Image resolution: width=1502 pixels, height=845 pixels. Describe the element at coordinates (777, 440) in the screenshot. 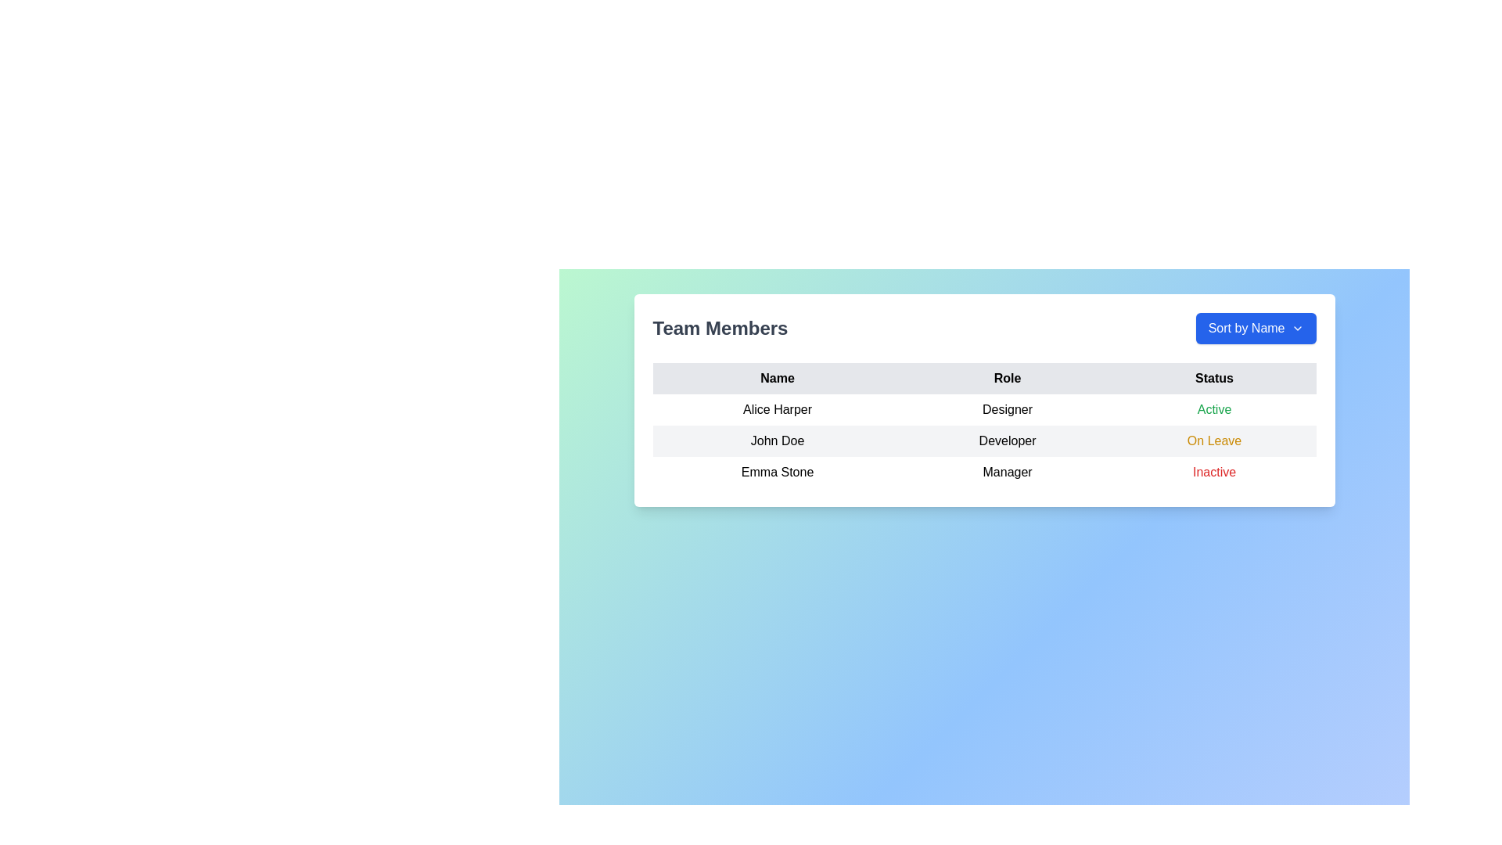

I see `text displayed by the Static text element showing 'John Doe' in the 'Team Members' table under the 'Name' column` at that location.